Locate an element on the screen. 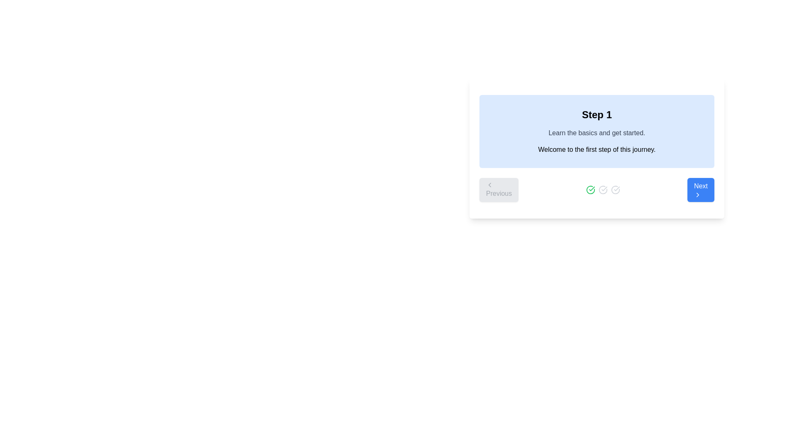 The image size is (797, 448). instructional text that provides context for the heading 'Step 1', located centrally within the highlighted blue box is located at coordinates (597, 132).